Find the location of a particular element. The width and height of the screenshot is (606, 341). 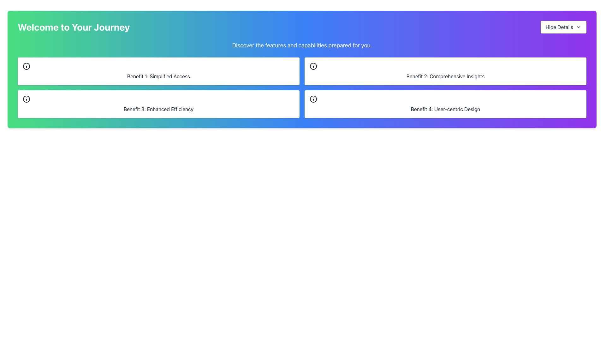

Circle graphic element that serves as the circular boundary of the informational icon, located in the first row of the card layout to the far-left of 'Benefit 1: Simplified Access' is located at coordinates (26, 66).